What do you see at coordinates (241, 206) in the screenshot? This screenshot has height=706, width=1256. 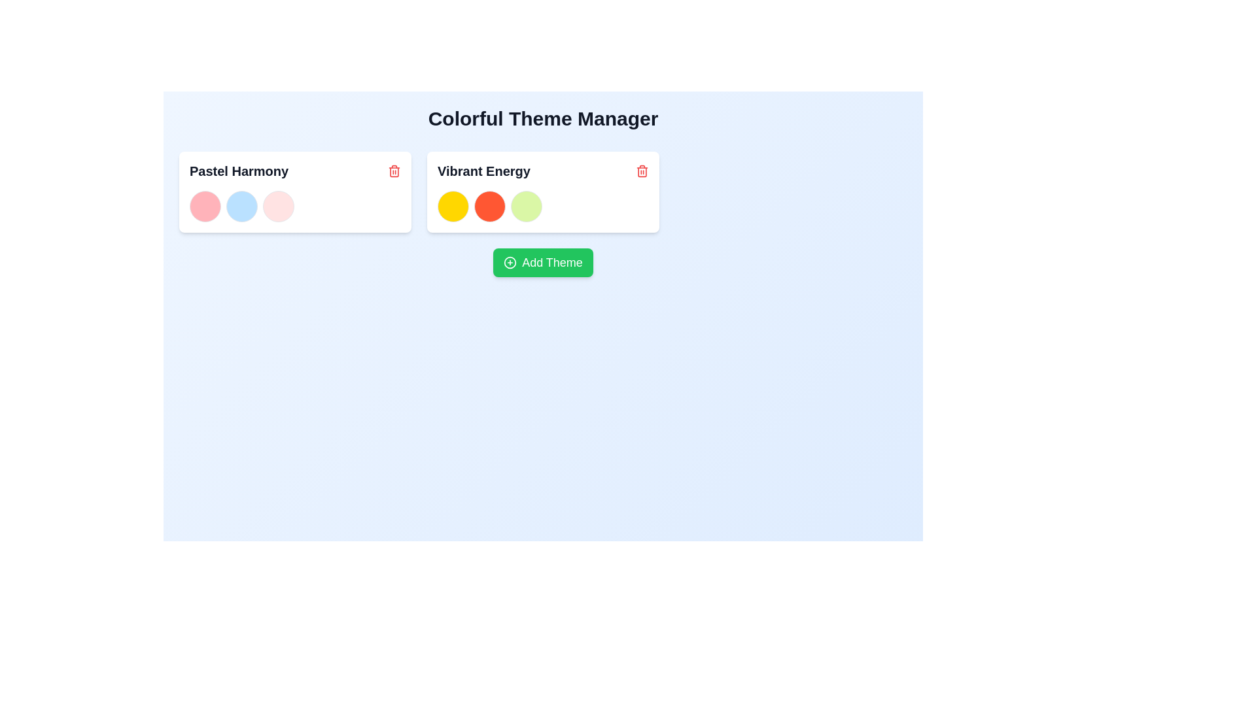 I see `the decorative element located in the center of three horizontally aligned circular elements within the 'Pastel Harmony' theme card, specifically the second element between the pink and light pink circular elements` at bounding box center [241, 206].